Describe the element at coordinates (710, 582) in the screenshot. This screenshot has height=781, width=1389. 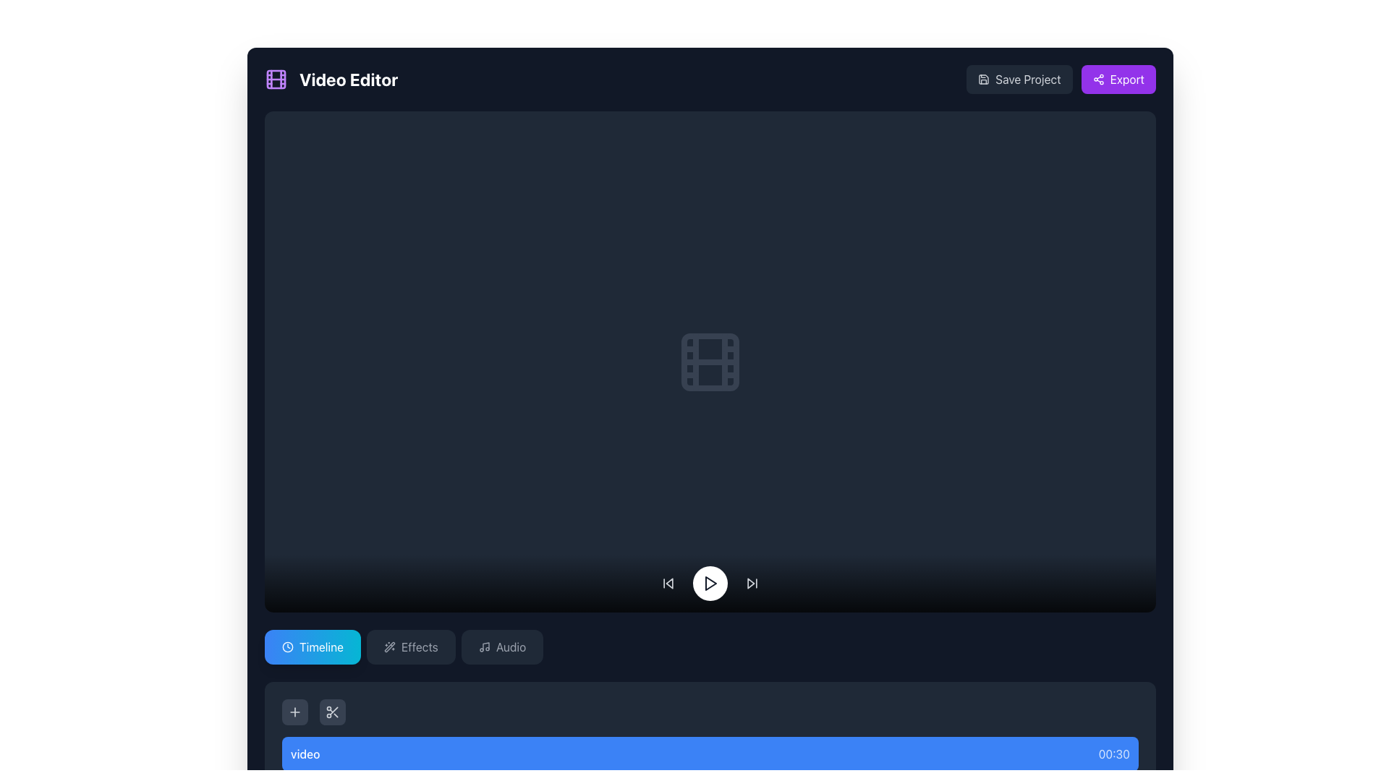
I see `the play control button located at the lower part of the interface to change its style` at that location.